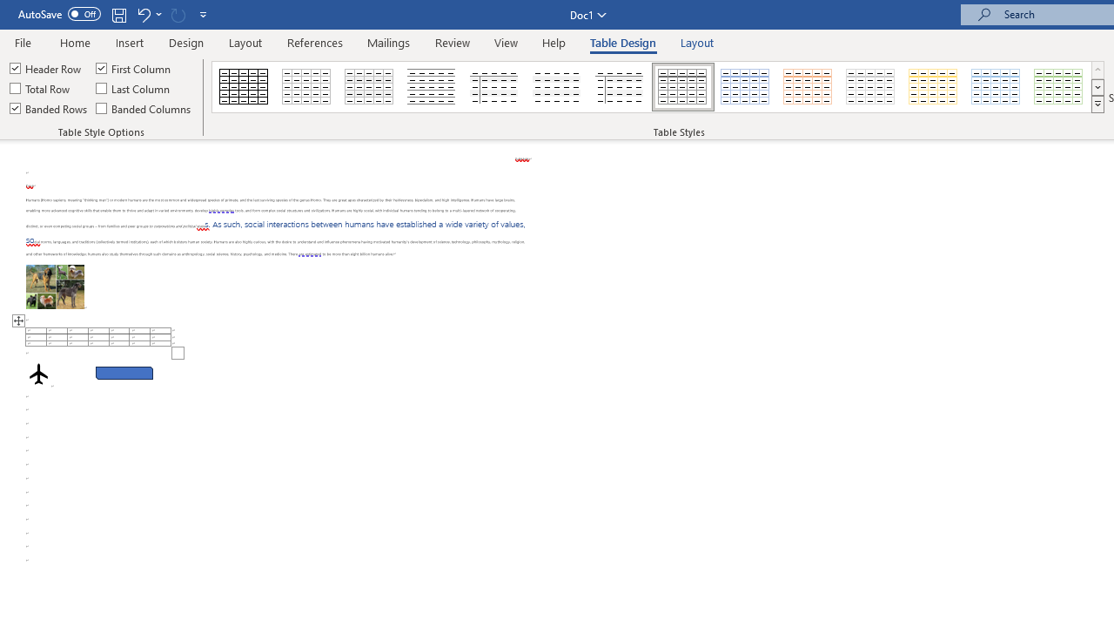 The image size is (1114, 627). I want to click on 'Banded Rows', so click(50, 108).